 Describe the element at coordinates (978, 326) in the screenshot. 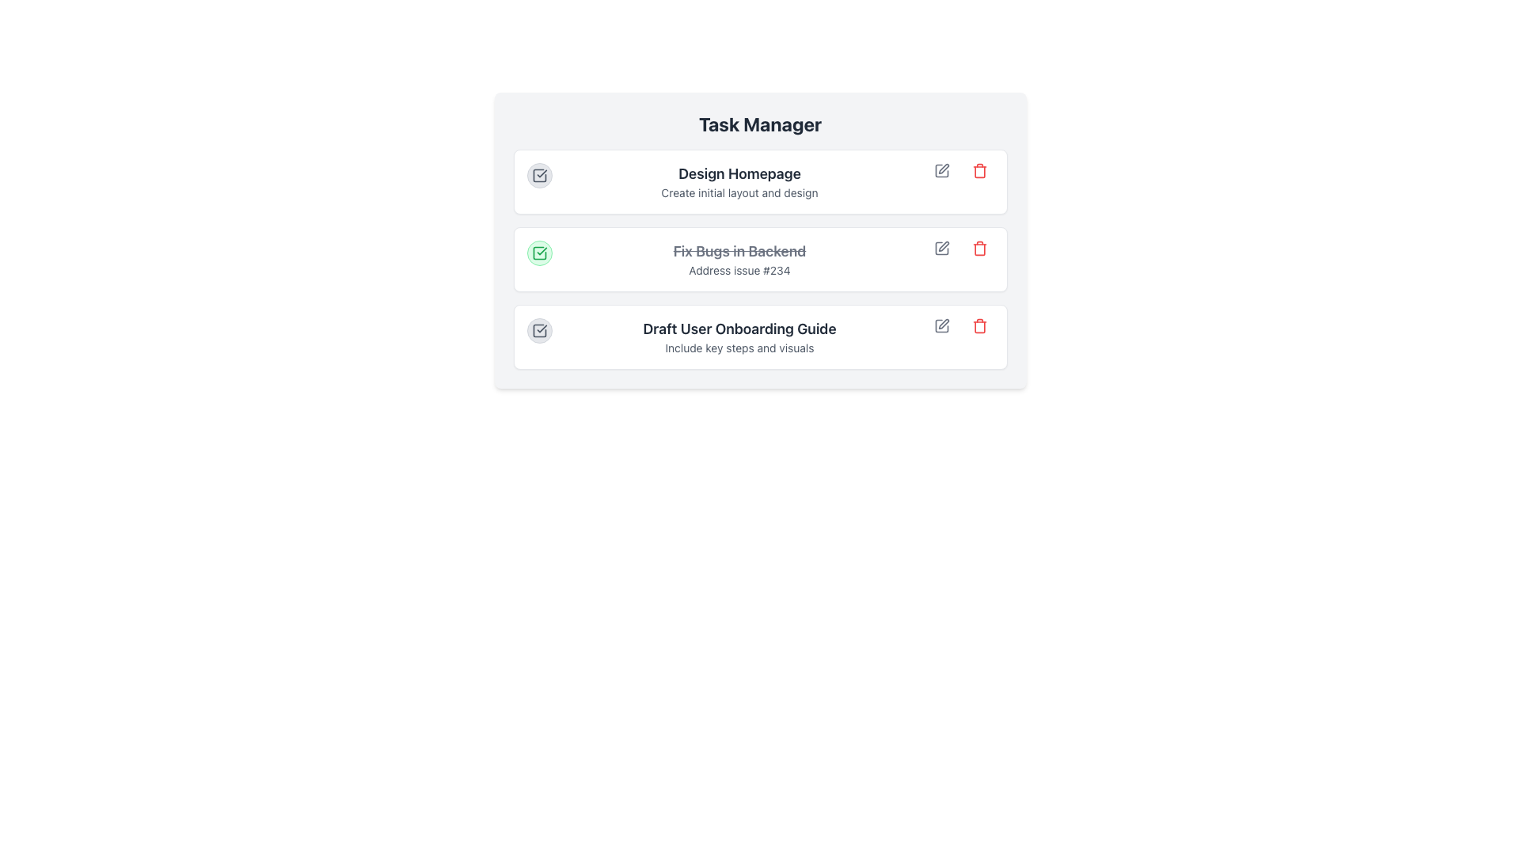

I see `the vertical rectangle component with rounded edges that represents the delete button in the trash bin icon located at the far-right of the third task row titled 'Draft User Onboarding Guide'` at that location.